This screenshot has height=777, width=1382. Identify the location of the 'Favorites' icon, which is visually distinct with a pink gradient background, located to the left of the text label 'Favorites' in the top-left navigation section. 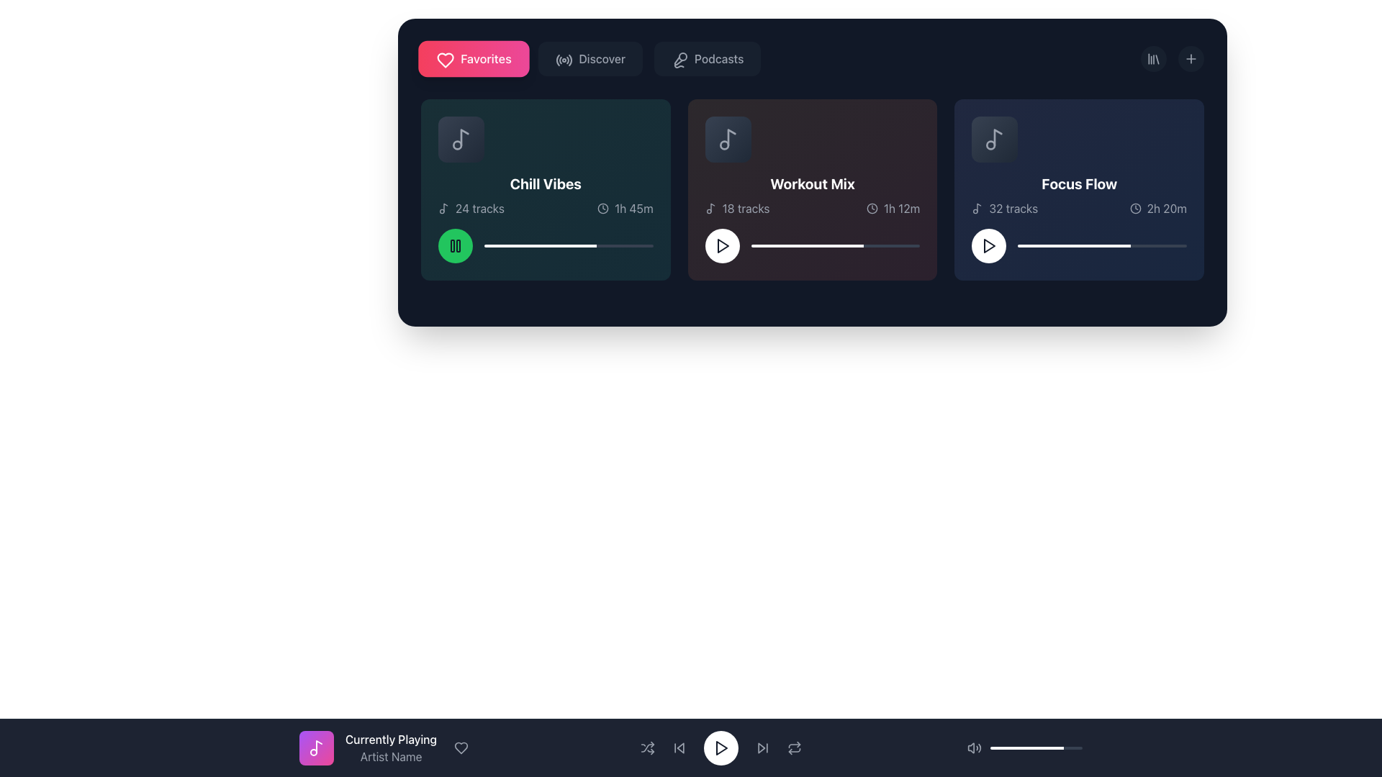
(443, 58).